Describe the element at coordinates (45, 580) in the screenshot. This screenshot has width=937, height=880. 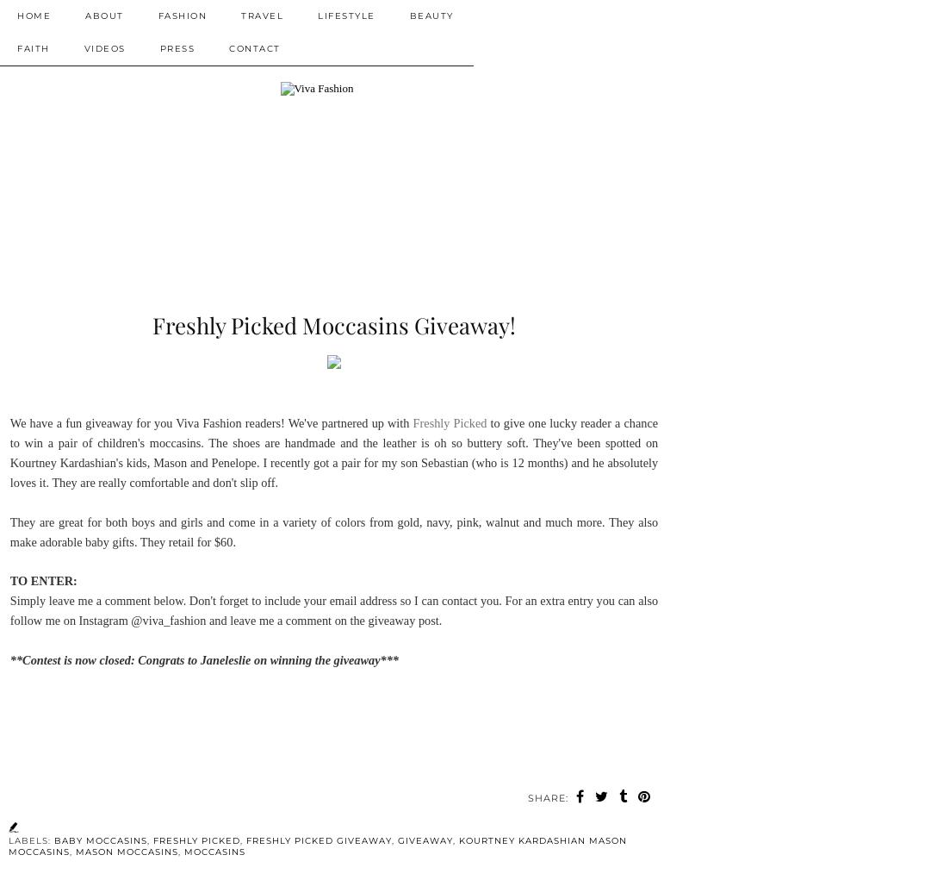
I see `'TO ENTER:'` at that location.